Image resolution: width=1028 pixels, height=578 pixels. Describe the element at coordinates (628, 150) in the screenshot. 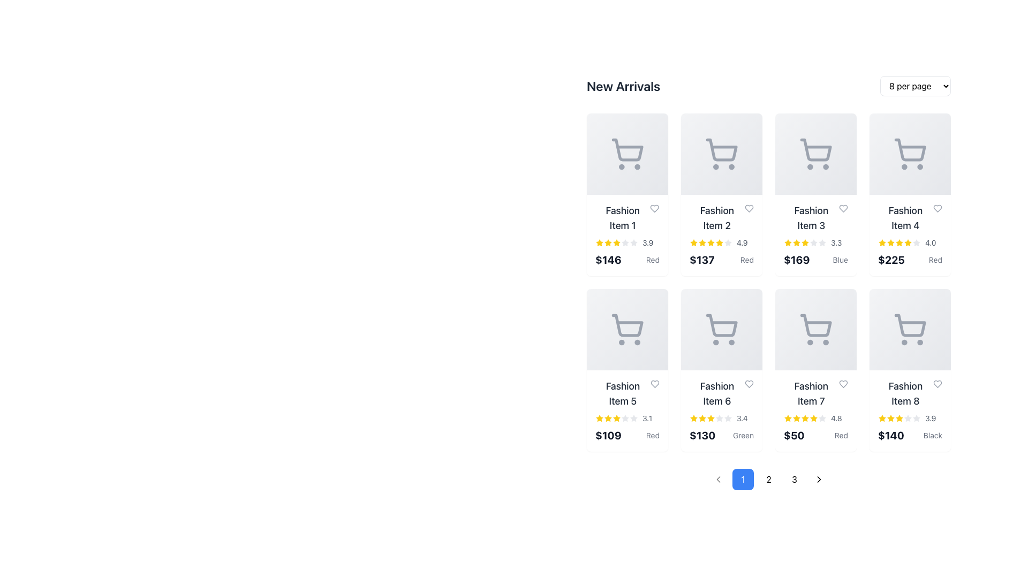

I see `the shopping cart icon in the left-most column of the first row in the 'New Arrivals' section related to 'Fashion Item 1'` at that location.